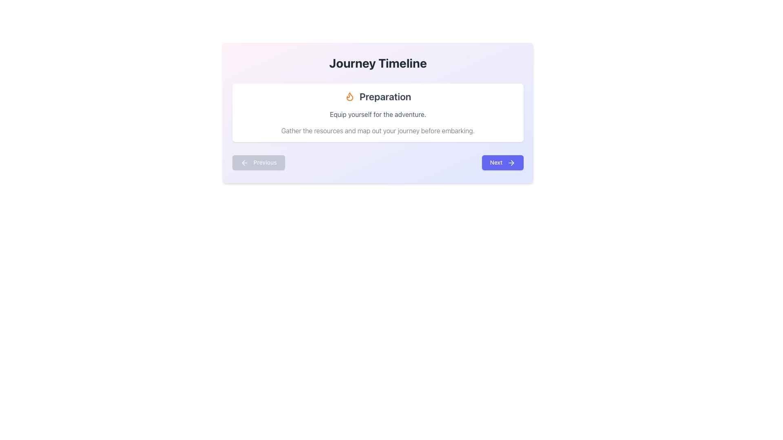 This screenshot has height=440, width=783. I want to click on the decorative icon associated with the 'Preparation' phase, which is centrally positioned within a white card-like area, directly to the left of the 'Preparation' text, so click(349, 96).